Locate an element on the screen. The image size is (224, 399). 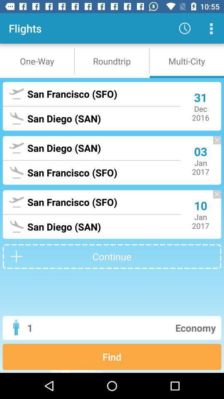
the item next to 1 item is located at coordinates (143, 328).